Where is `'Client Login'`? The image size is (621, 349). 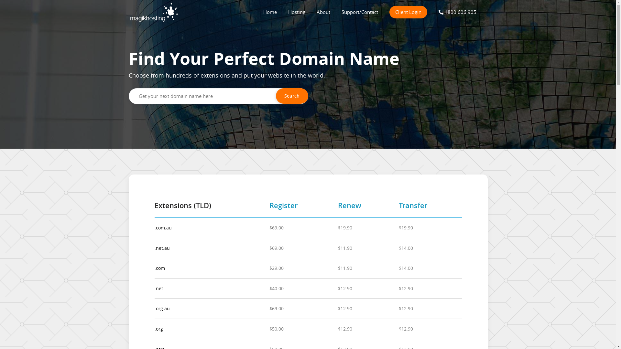 'Client Login' is located at coordinates (408, 12).